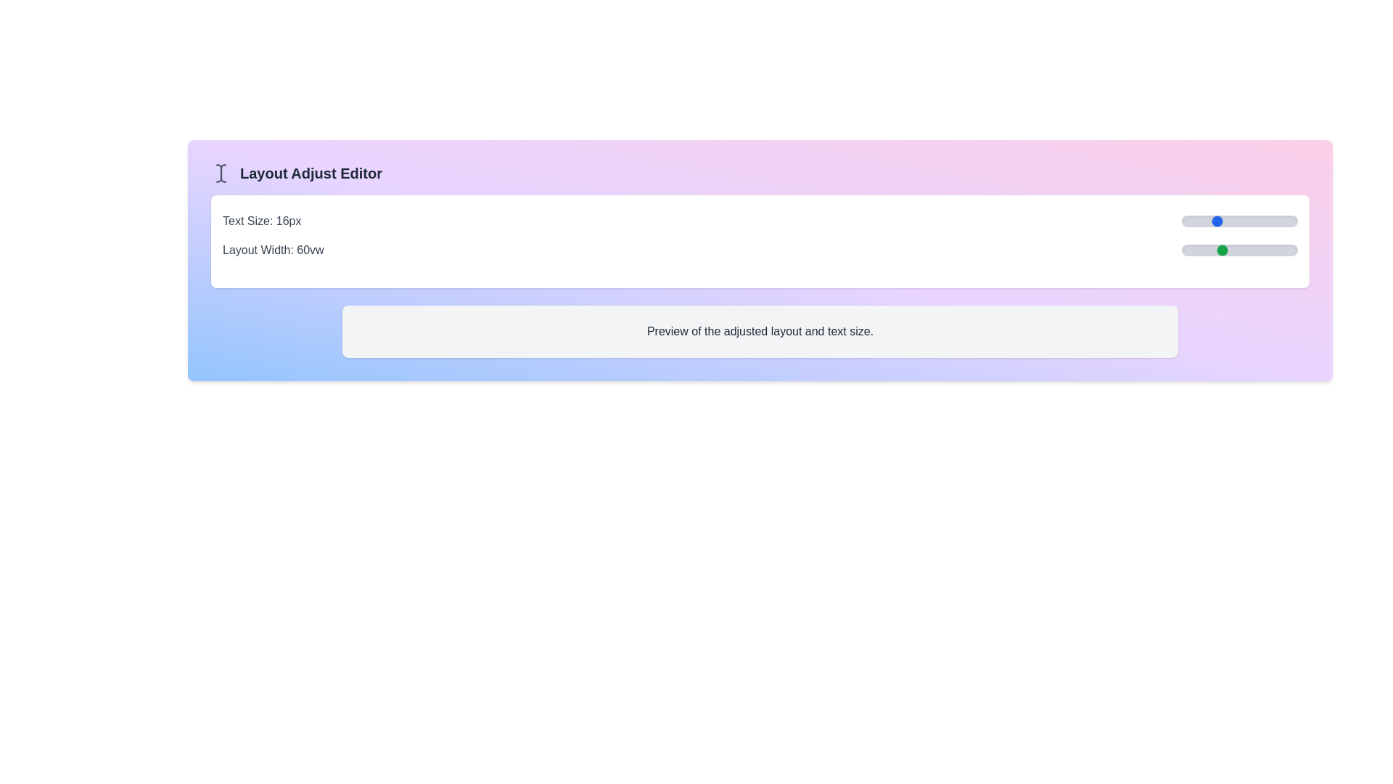  I want to click on the slider, so click(1230, 221).